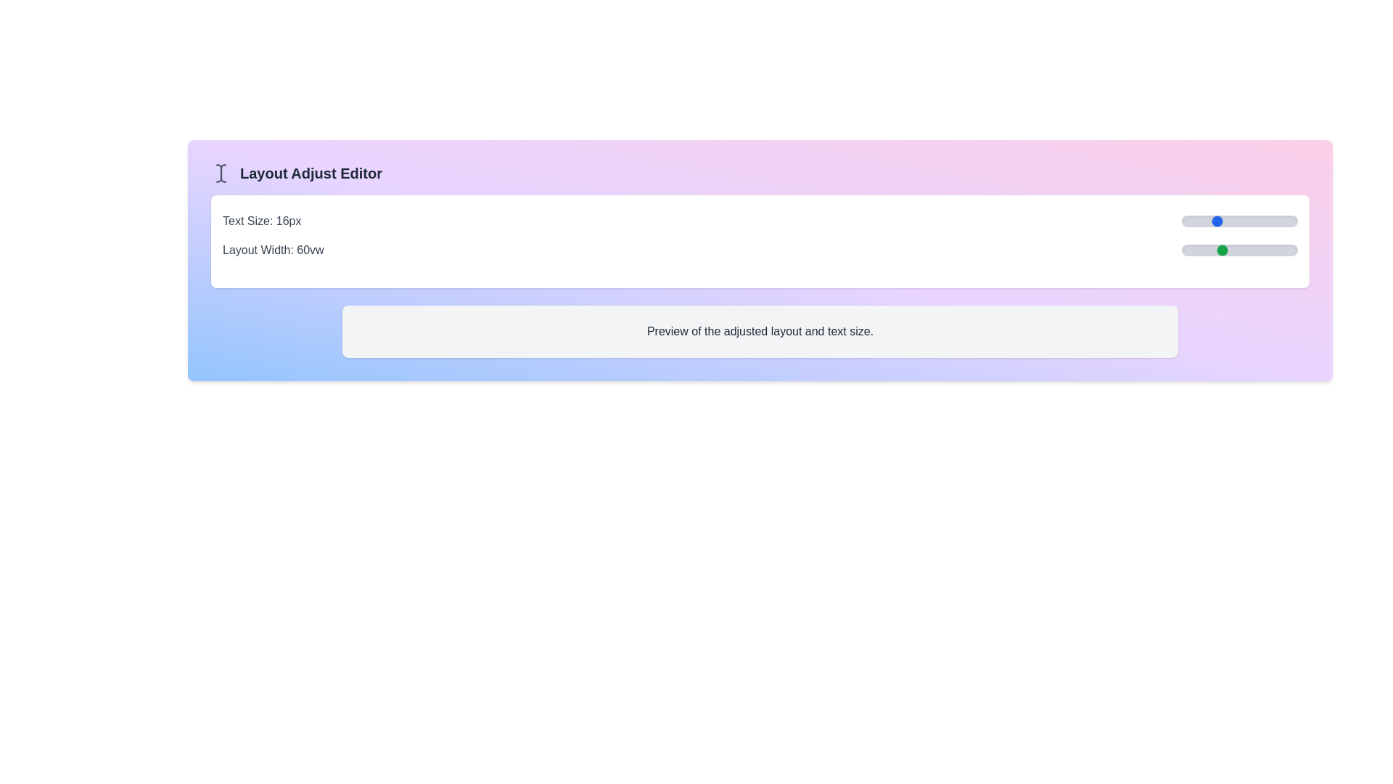  I want to click on the slider, so click(1230, 221).